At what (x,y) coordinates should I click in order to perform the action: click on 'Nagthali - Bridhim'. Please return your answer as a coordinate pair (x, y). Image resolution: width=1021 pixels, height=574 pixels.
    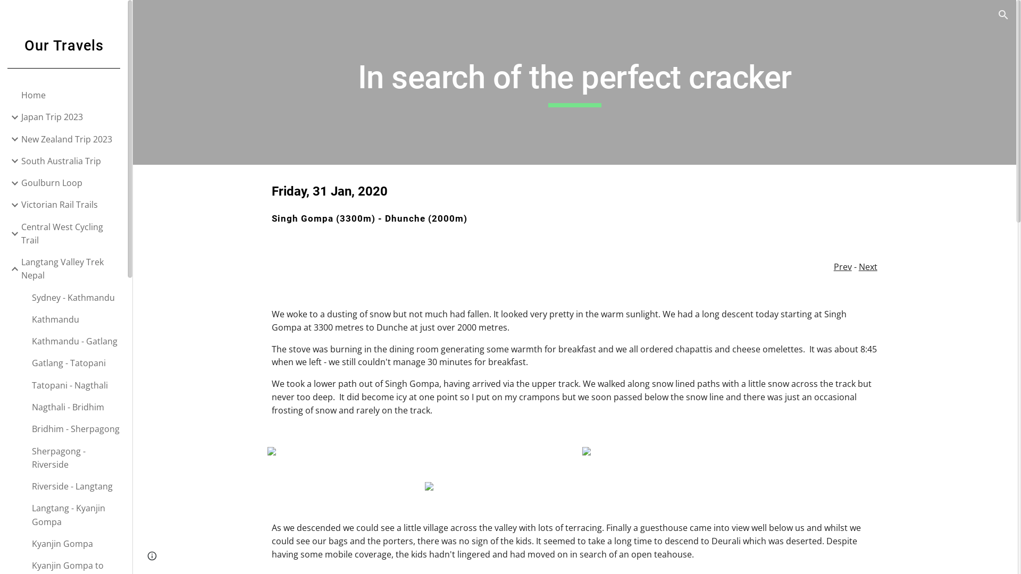
    Looking at the image, I should click on (75, 407).